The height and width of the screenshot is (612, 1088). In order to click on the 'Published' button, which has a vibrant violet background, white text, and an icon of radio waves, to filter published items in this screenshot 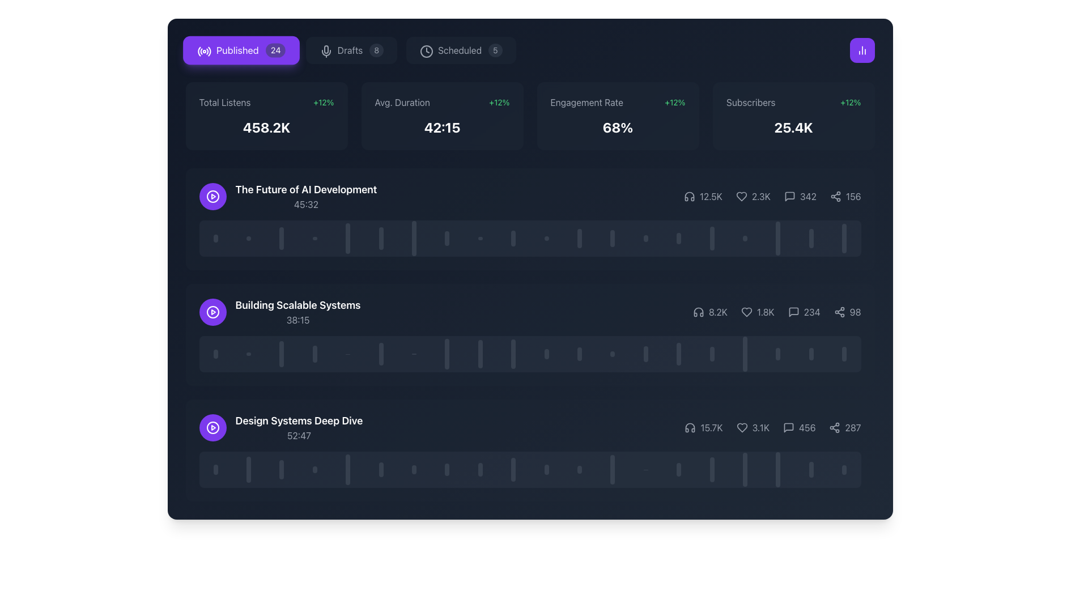, I will do `click(240, 49)`.